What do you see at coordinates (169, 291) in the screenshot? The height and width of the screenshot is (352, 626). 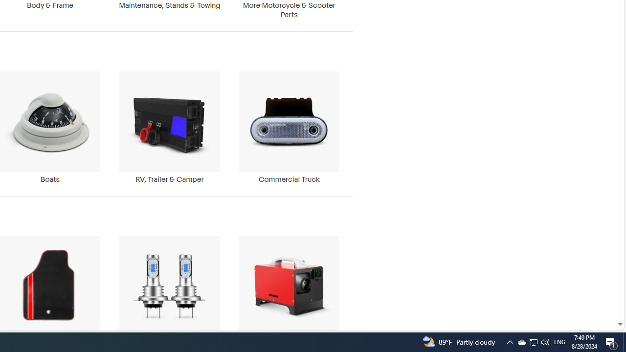 I see `'Lighting & Lamps'` at bounding box center [169, 291].